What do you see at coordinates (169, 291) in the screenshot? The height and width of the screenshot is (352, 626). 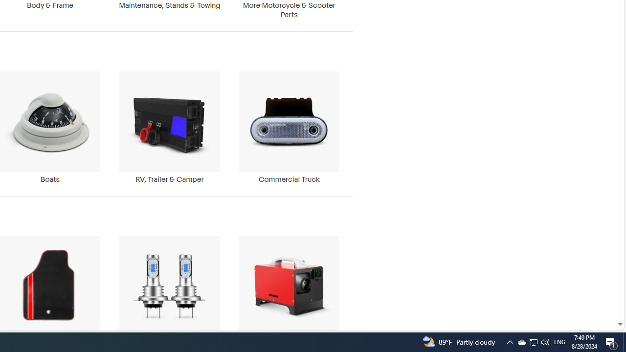 I see `'Lighting & Lamps'` at bounding box center [169, 291].